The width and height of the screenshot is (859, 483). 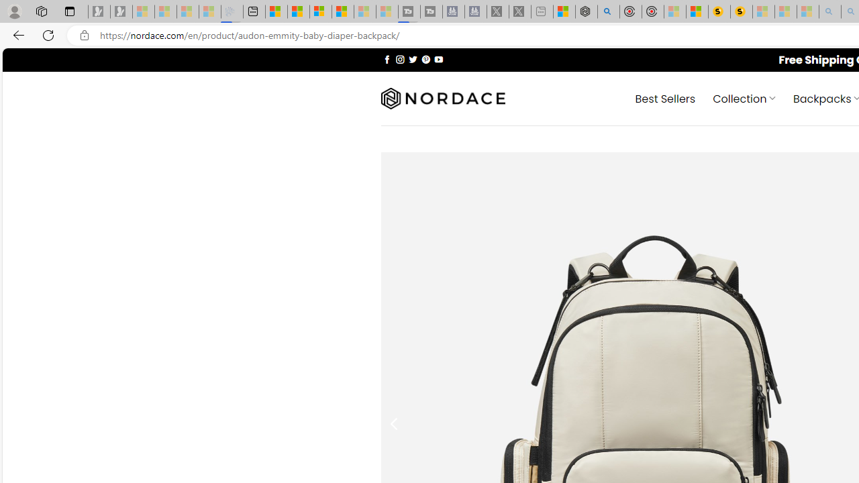 I want to click on 'Follow on Facebook', so click(x=387, y=58).